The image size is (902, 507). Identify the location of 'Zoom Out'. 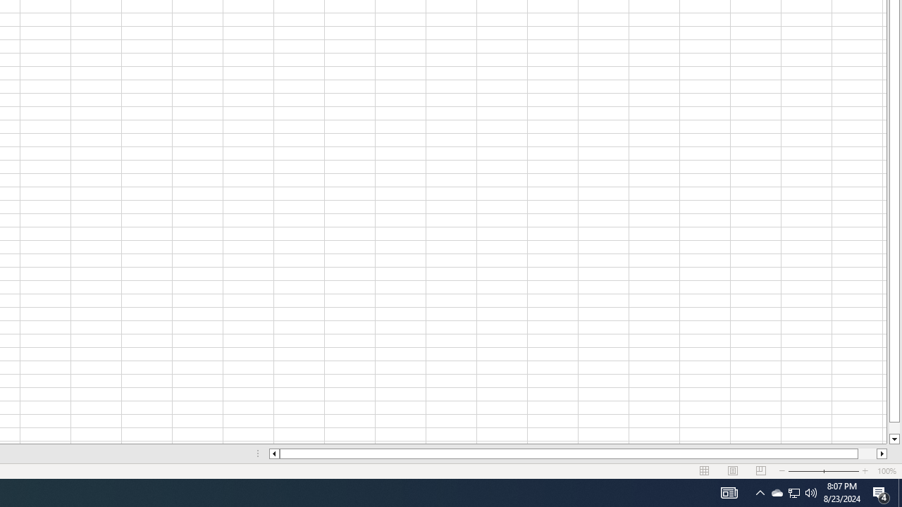
(805, 471).